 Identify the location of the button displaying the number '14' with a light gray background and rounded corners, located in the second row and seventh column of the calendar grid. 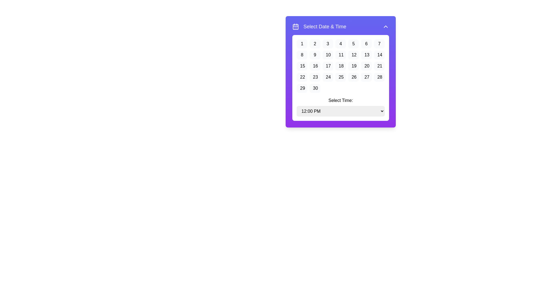
(379, 55).